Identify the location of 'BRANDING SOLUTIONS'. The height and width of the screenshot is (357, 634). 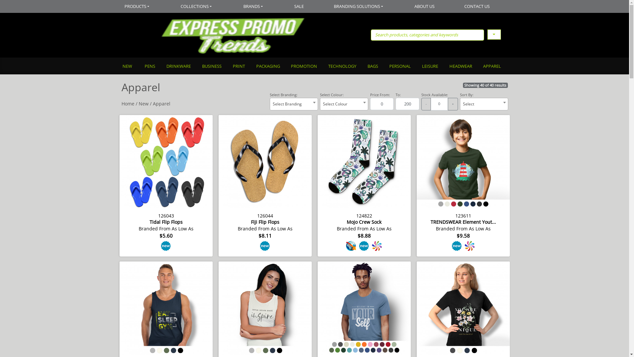
(359, 6).